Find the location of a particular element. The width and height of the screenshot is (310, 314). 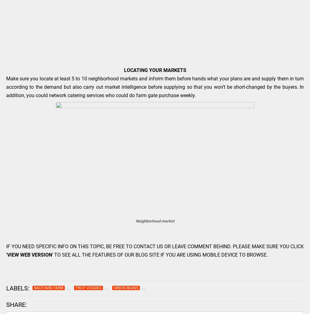

'FRUIT VEGGIES' is located at coordinates (75, 287).